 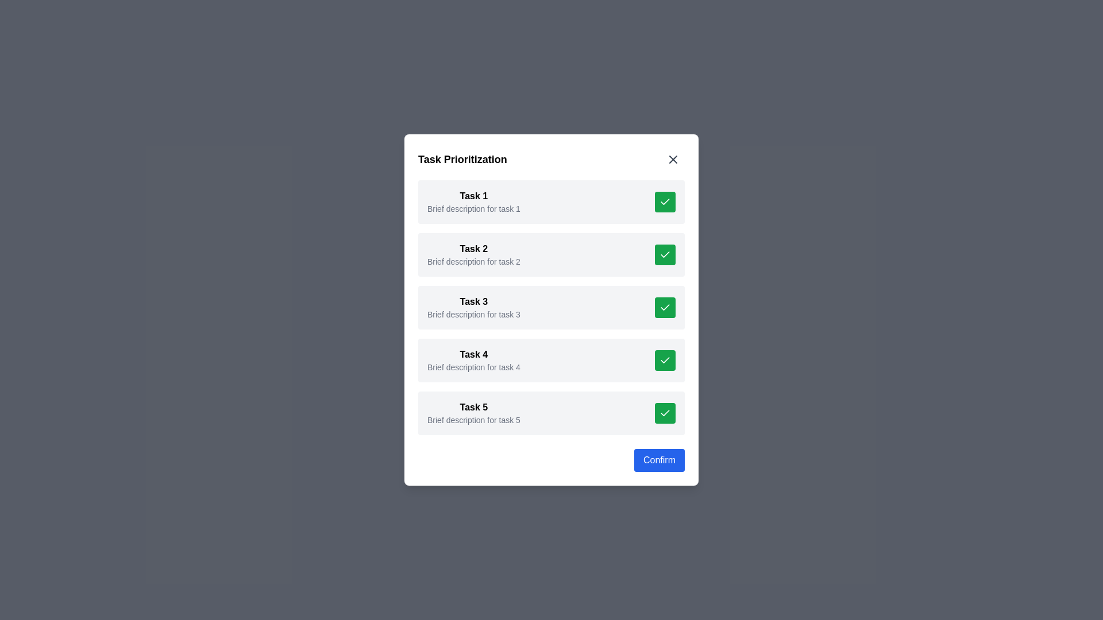 What do you see at coordinates (665, 201) in the screenshot?
I see `the confirmation button located on the far right side in the row associated with 'Task 1' to mark the task as completed or selected` at bounding box center [665, 201].